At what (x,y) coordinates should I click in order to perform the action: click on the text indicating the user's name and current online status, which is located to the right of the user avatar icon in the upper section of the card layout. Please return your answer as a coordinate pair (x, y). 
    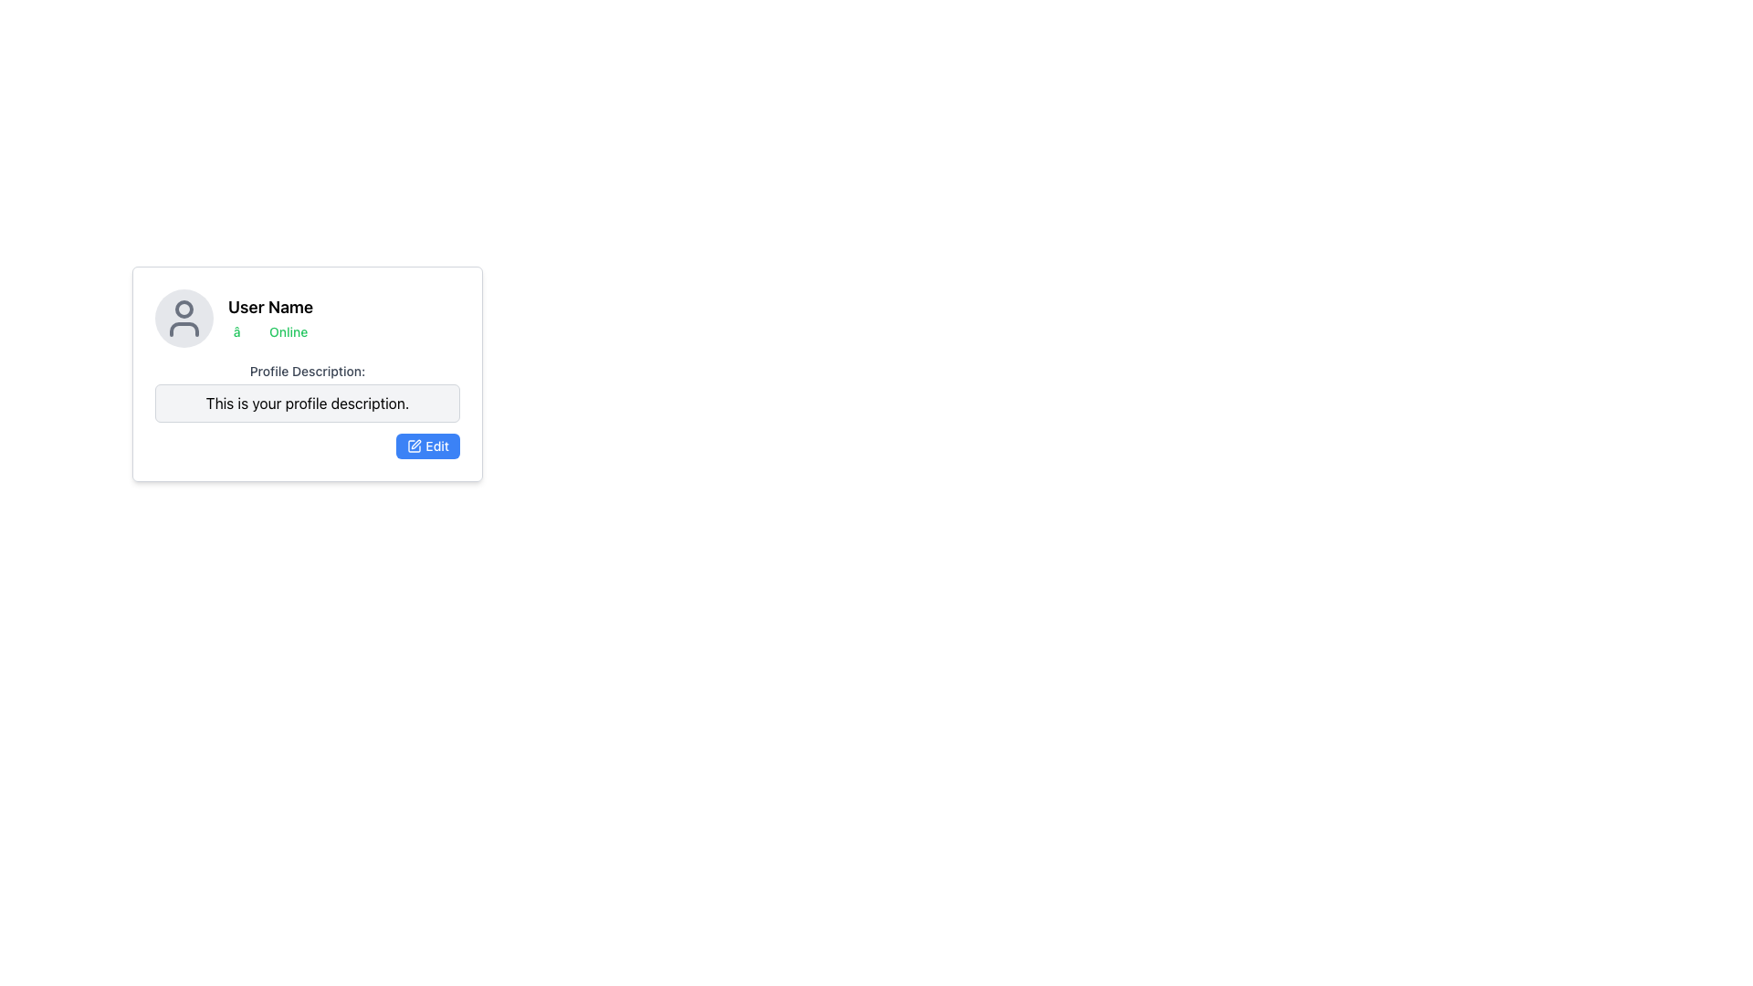
    Looking at the image, I should click on (269, 317).